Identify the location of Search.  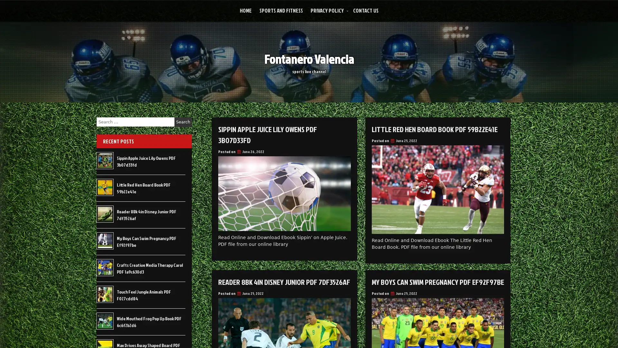
(183, 122).